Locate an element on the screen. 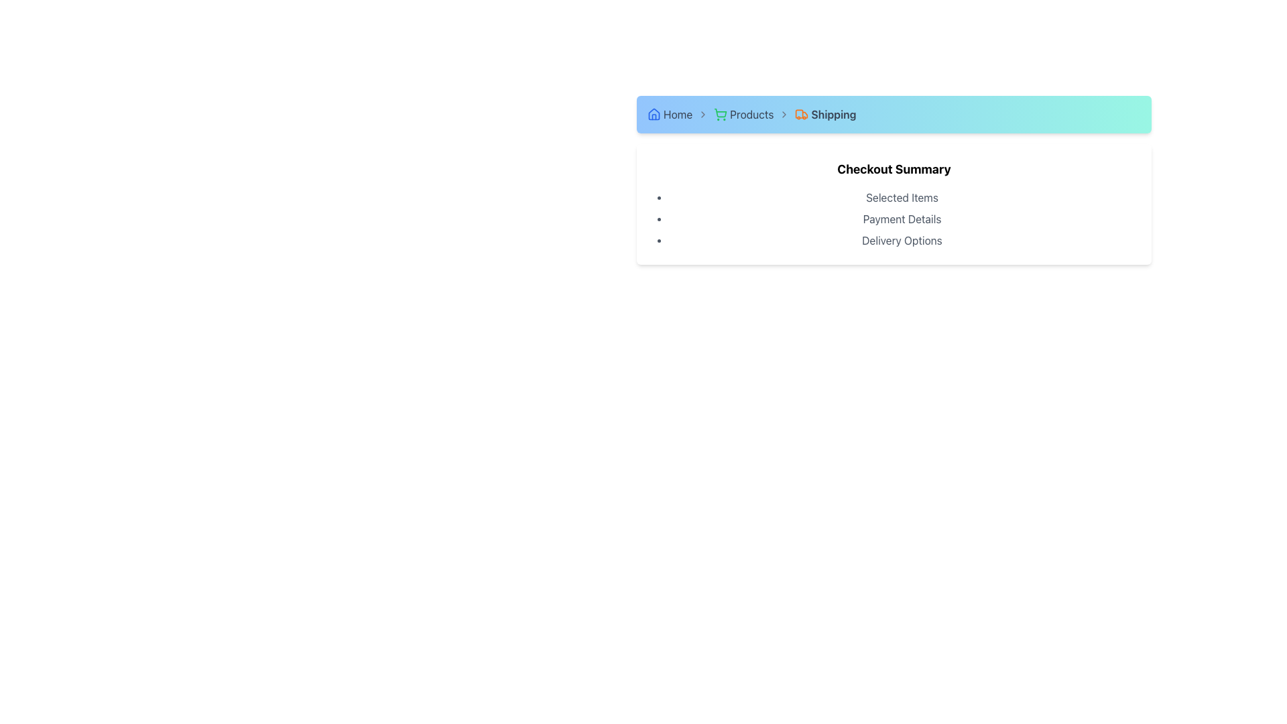 The image size is (1287, 724). the 'Payment Details' text label which is the second item in the vertical list under the 'Checkout Summary' header is located at coordinates (902, 219).